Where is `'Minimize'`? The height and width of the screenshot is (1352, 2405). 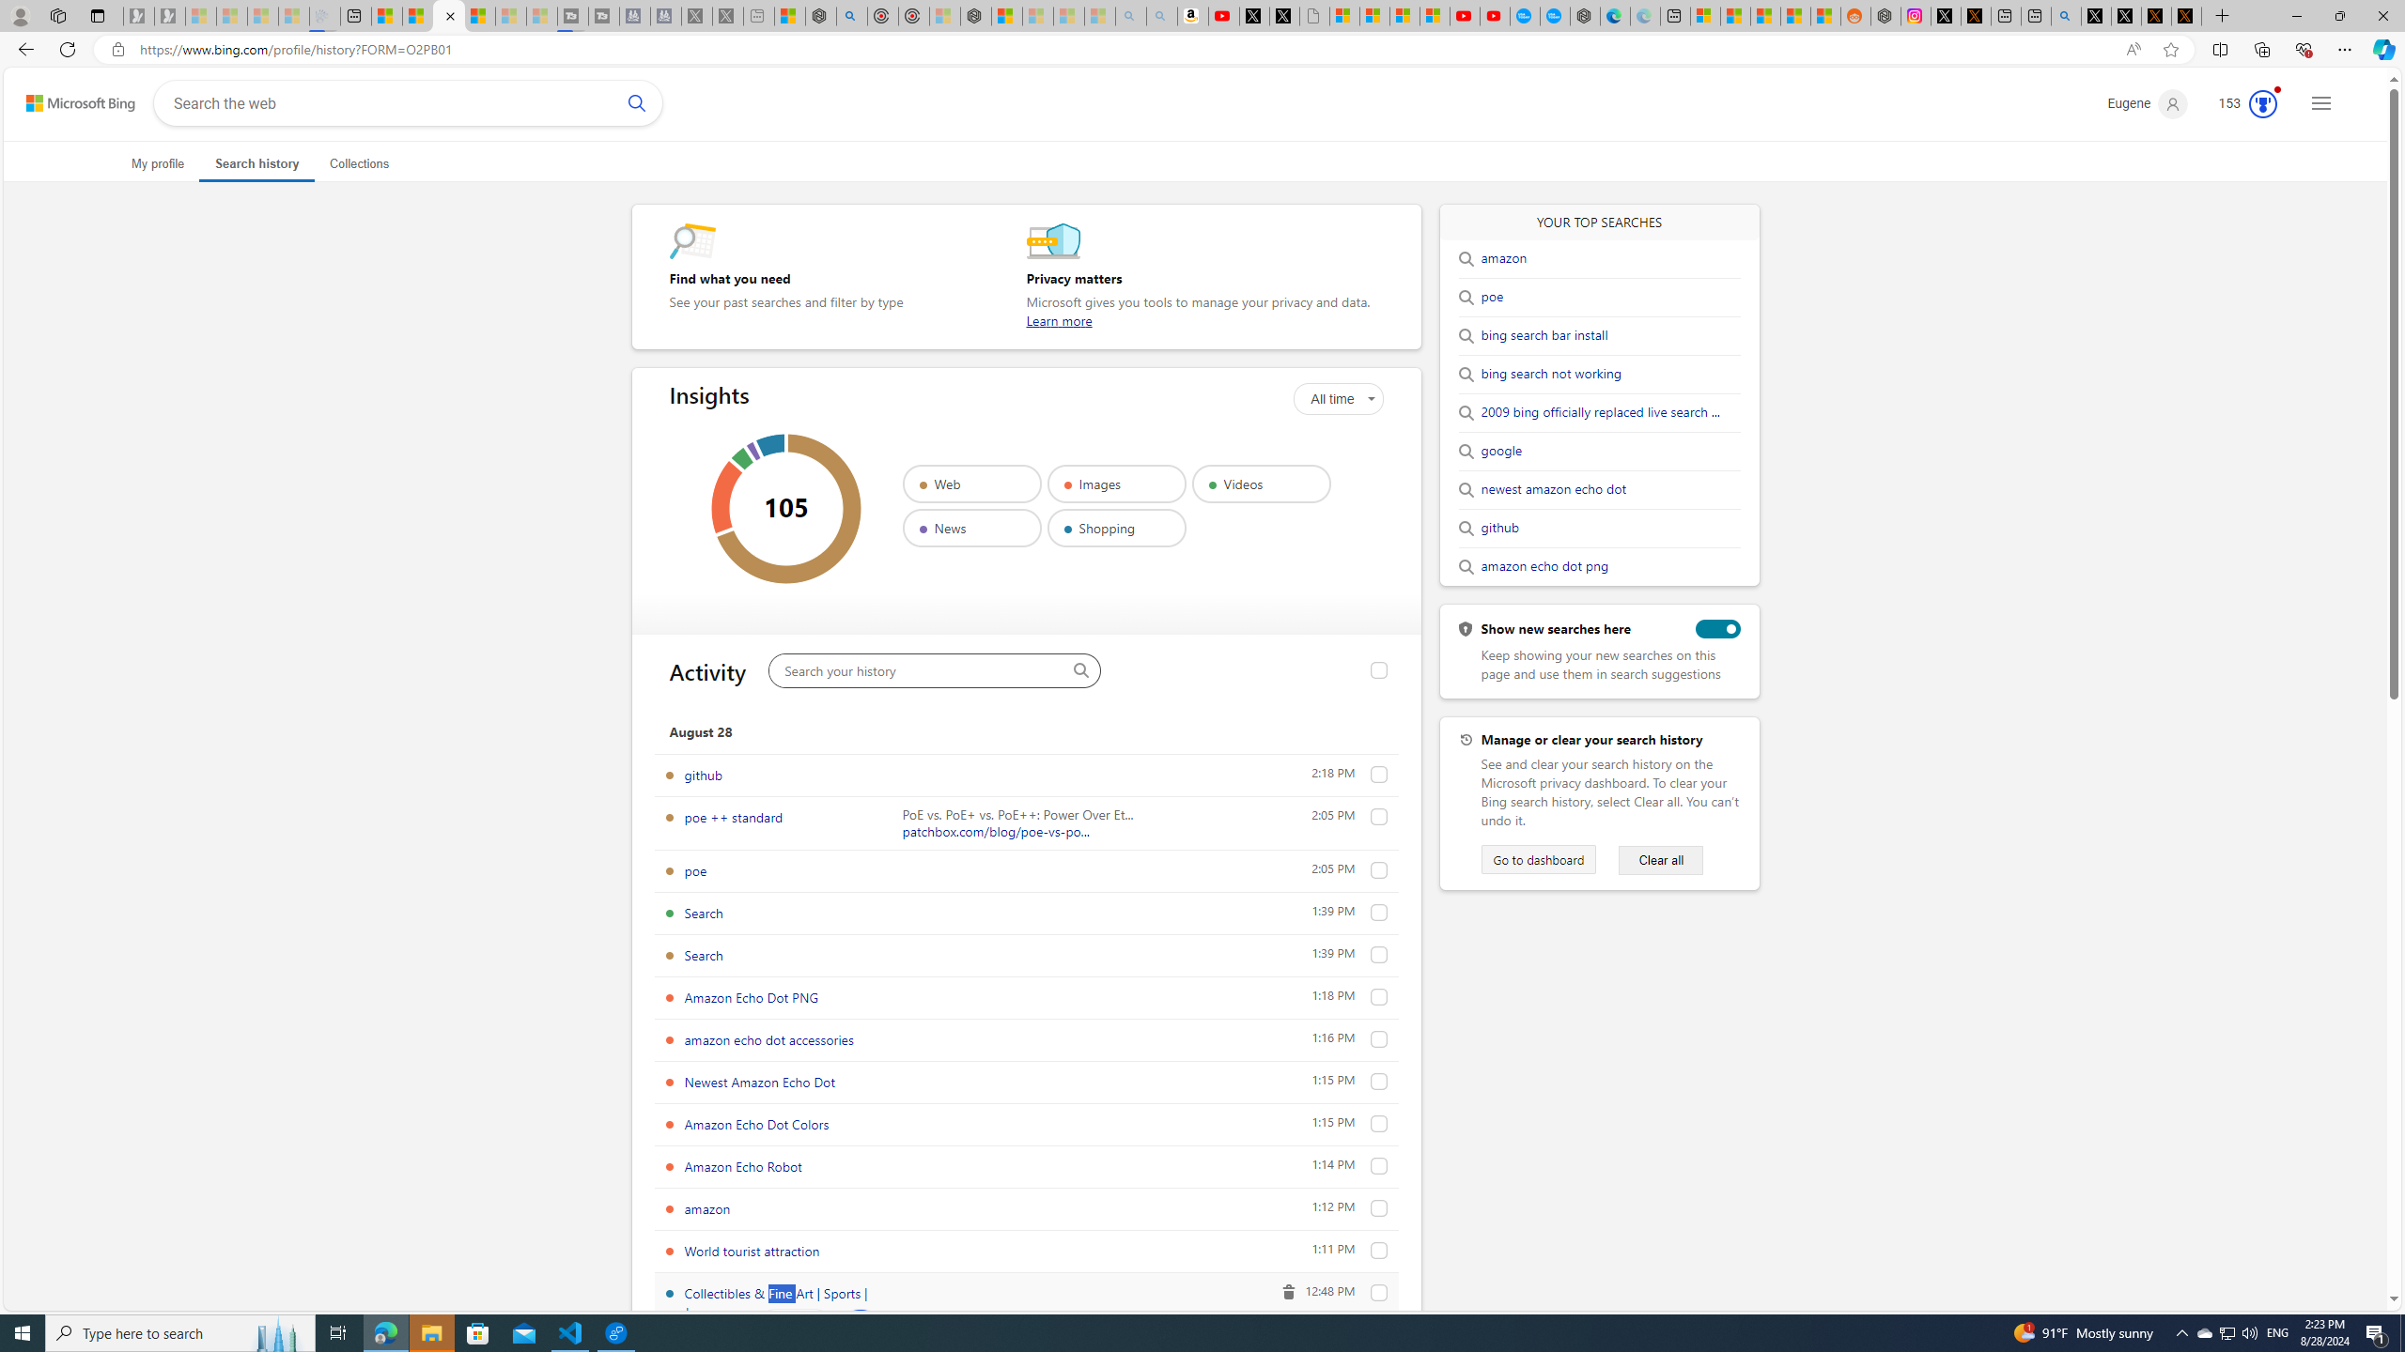 'Minimize' is located at coordinates (2295, 15).